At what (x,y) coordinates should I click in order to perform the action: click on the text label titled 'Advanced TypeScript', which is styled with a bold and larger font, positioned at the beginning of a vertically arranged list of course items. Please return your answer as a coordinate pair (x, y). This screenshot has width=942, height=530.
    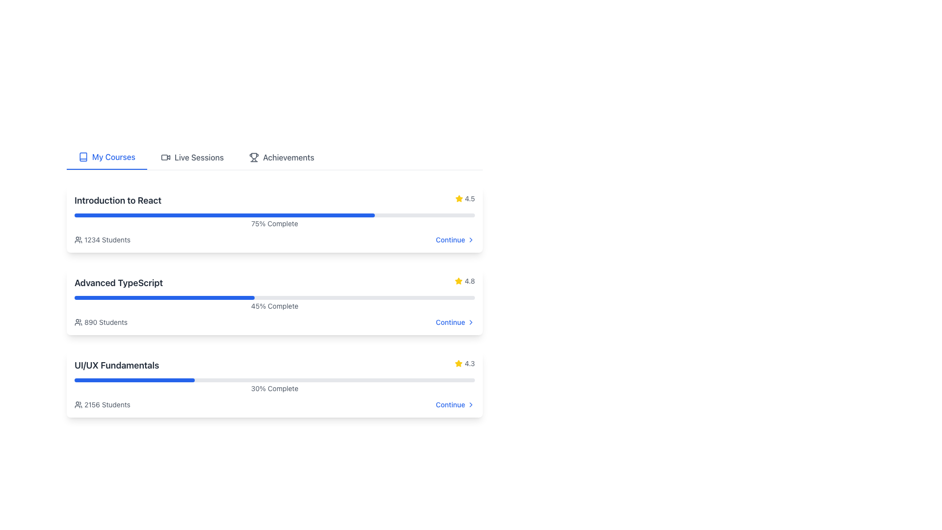
    Looking at the image, I should click on (118, 283).